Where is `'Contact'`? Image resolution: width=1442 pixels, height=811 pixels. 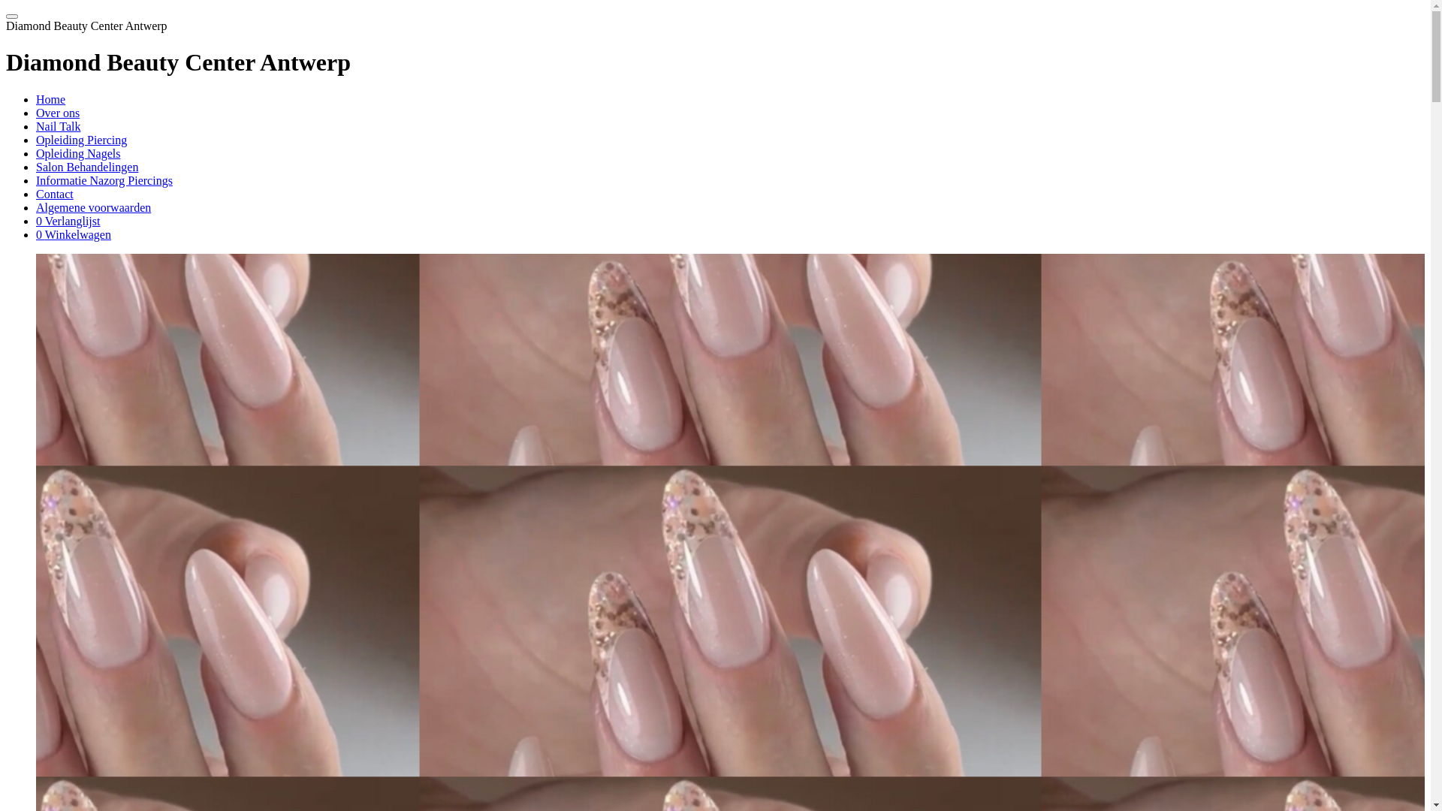
'Contact' is located at coordinates (54, 193).